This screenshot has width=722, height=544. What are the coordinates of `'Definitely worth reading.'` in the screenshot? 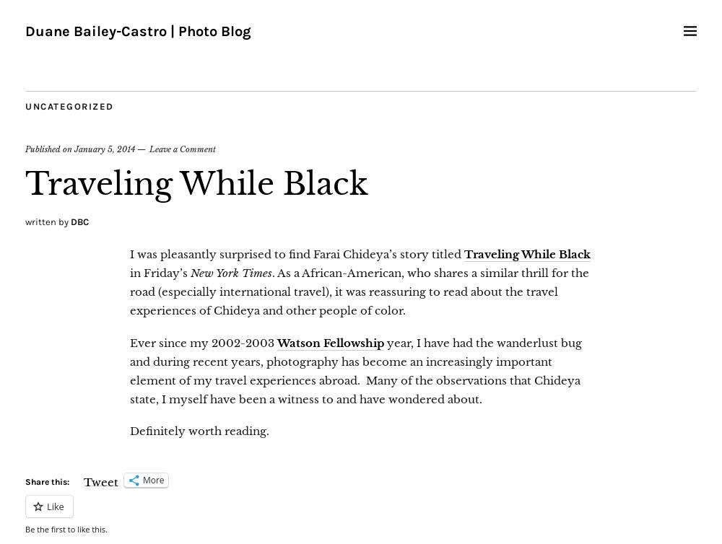 It's located at (130, 430).